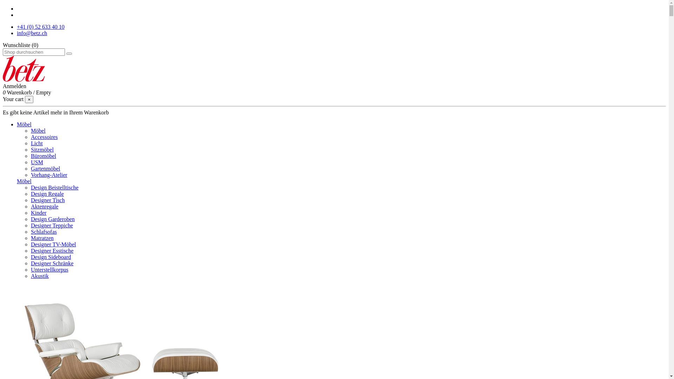  Describe the element at coordinates (52, 225) in the screenshot. I see `'Designer Teppiche'` at that location.